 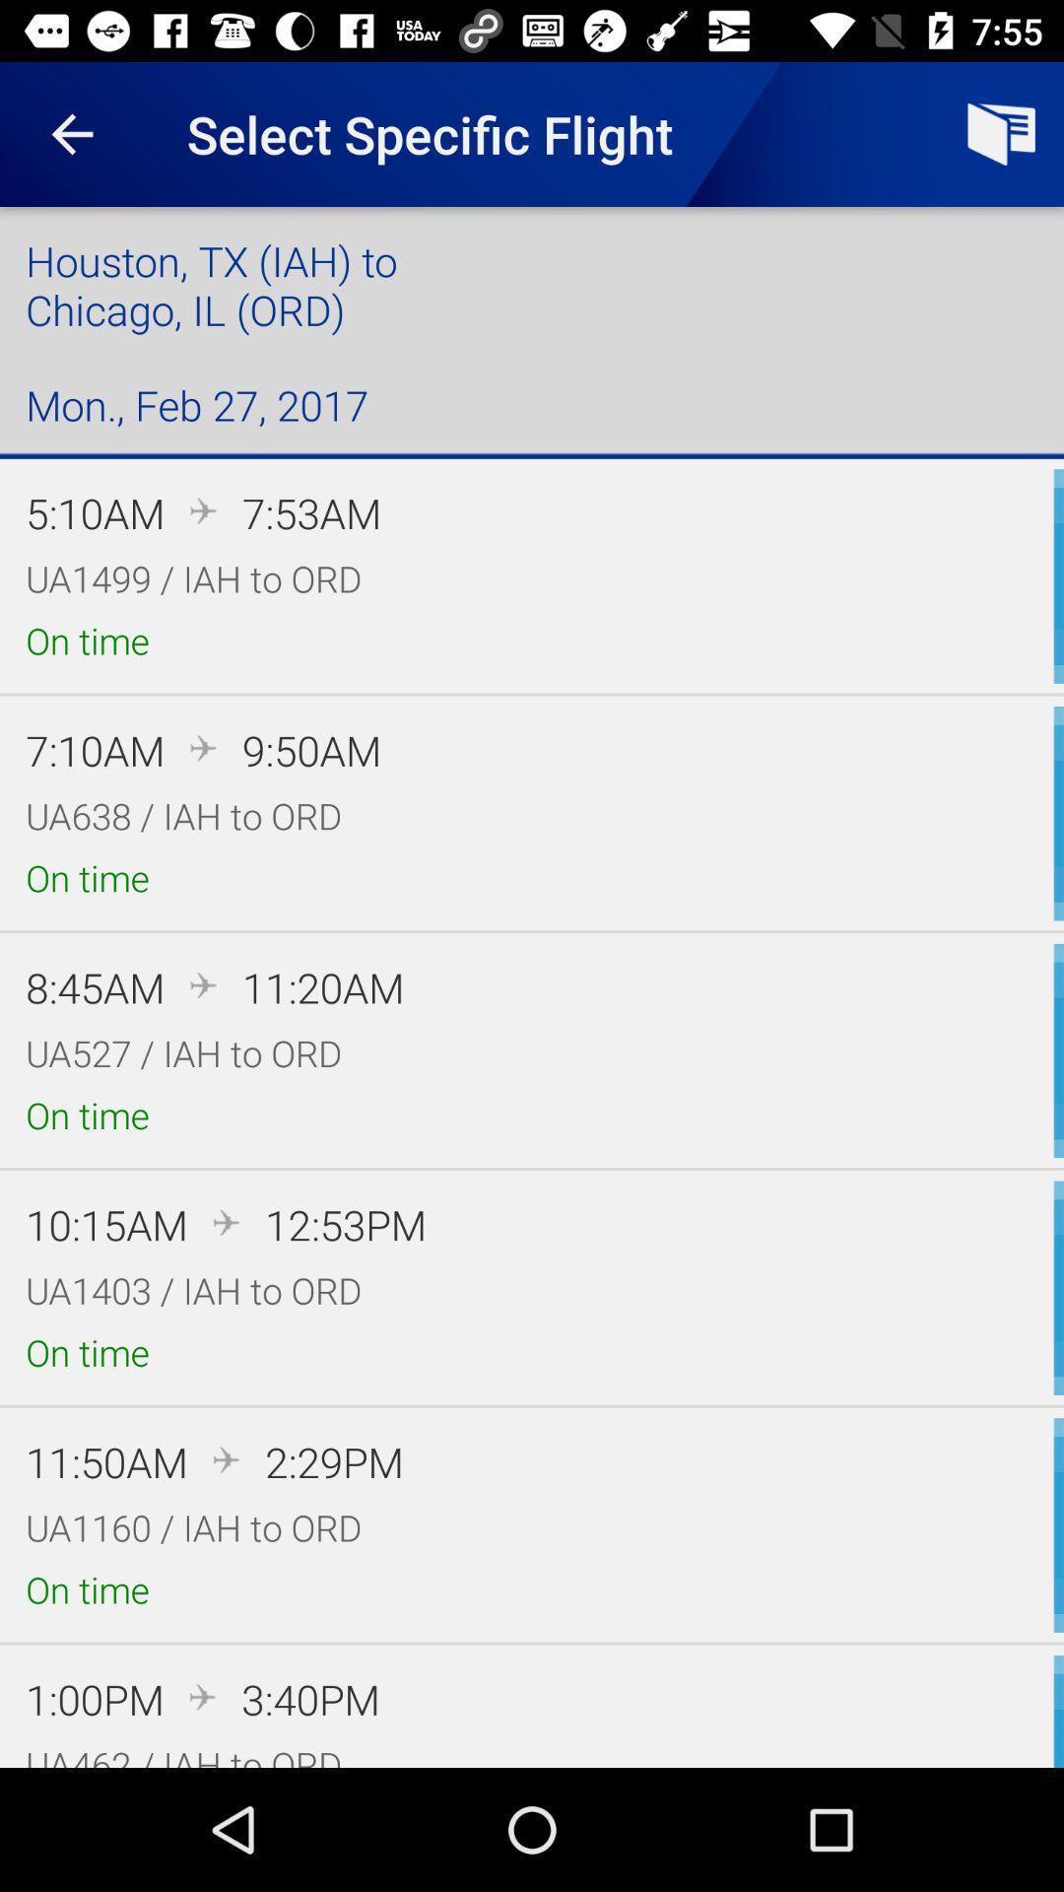 I want to click on the icon above ua1160 iah to icon, so click(x=333, y=1461).